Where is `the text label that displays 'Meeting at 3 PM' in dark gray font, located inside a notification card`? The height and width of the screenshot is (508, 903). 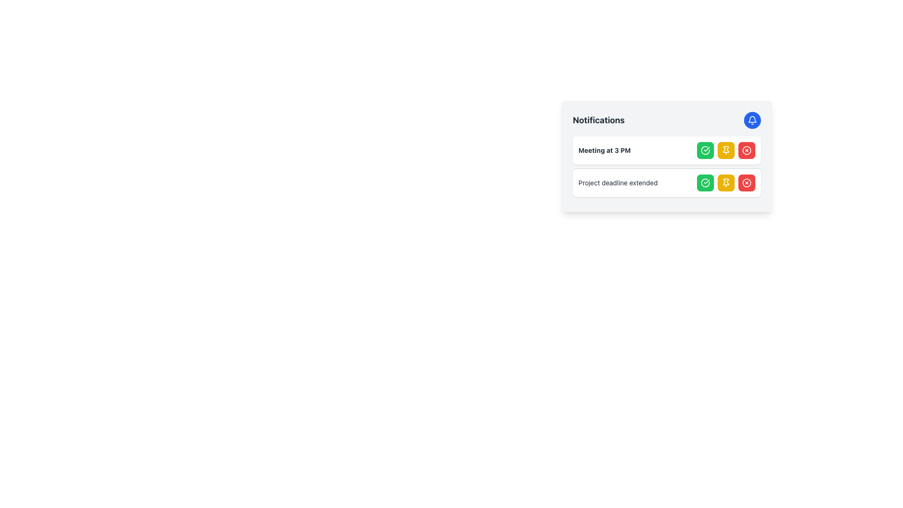
the text label that displays 'Meeting at 3 PM' in dark gray font, located inside a notification card is located at coordinates (604, 150).